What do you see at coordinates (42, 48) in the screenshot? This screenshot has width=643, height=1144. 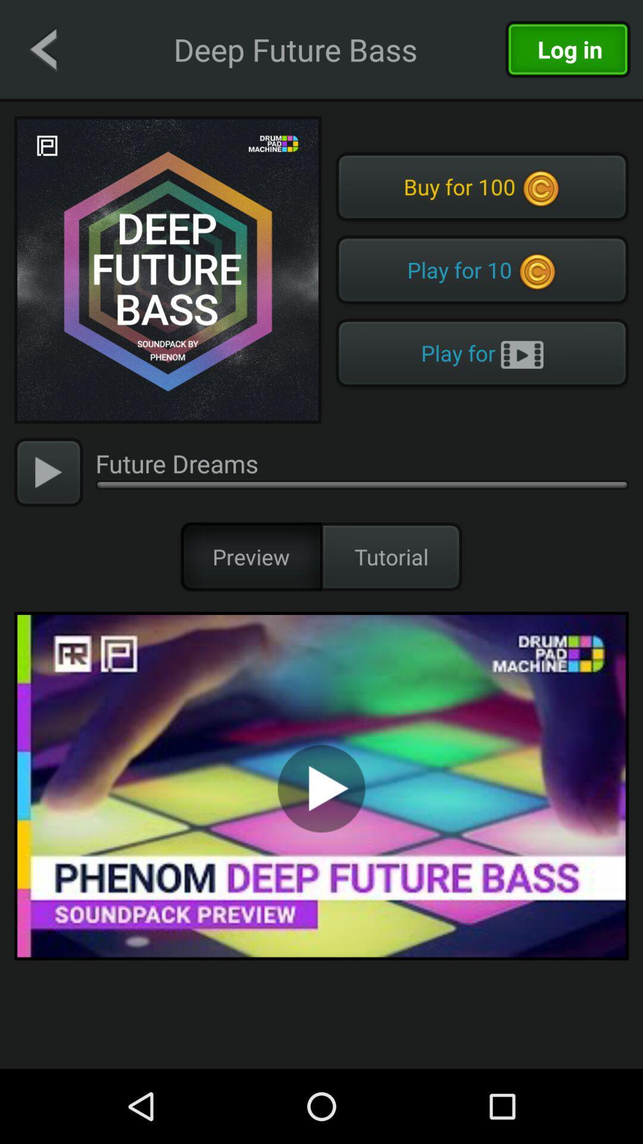 I see `the arrow_backward icon` at bounding box center [42, 48].